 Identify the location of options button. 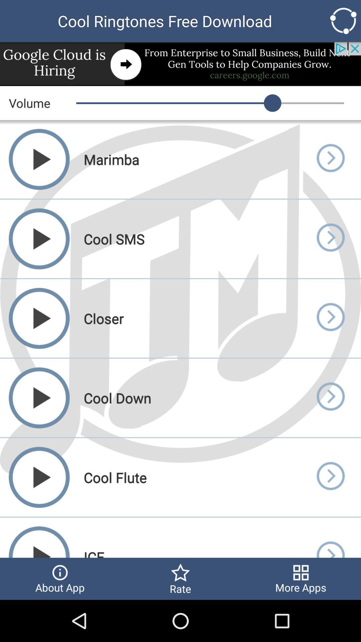
(343, 21).